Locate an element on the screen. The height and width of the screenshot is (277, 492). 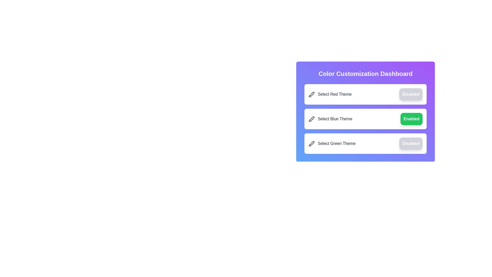
the button corresponding to Green theme to observe any interactive feedback is located at coordinates (411, 143).